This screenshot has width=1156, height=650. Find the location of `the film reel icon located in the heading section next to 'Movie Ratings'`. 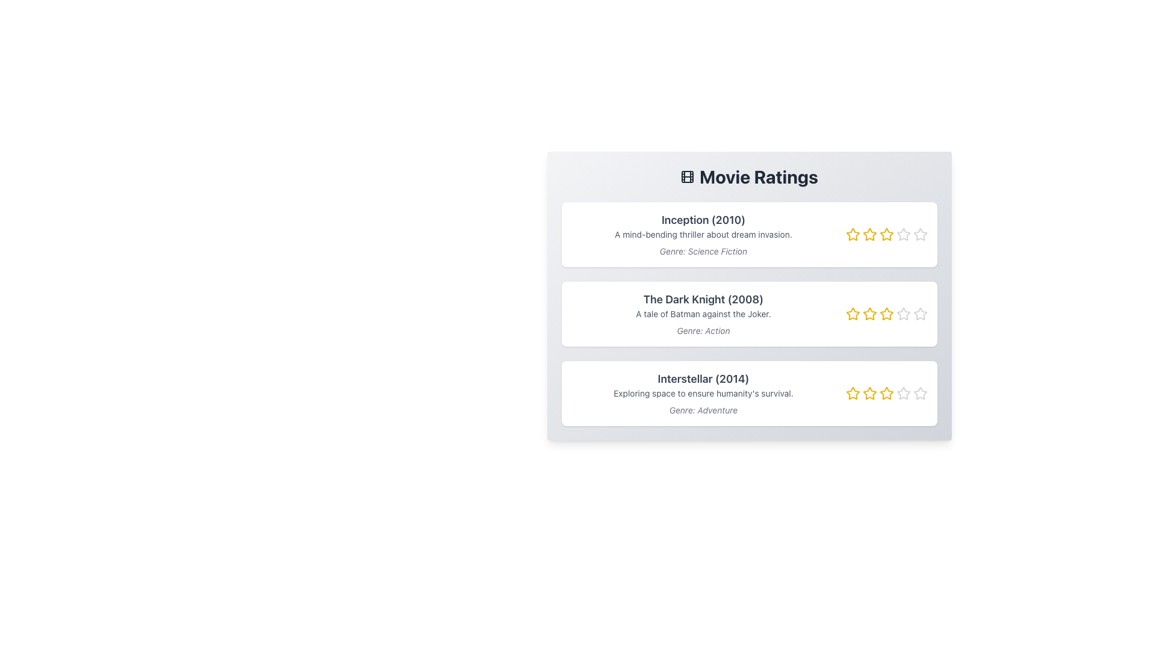

the film reel icon located in the heading section next to 'Movie Ratings' is located at coordinates (688, 176).